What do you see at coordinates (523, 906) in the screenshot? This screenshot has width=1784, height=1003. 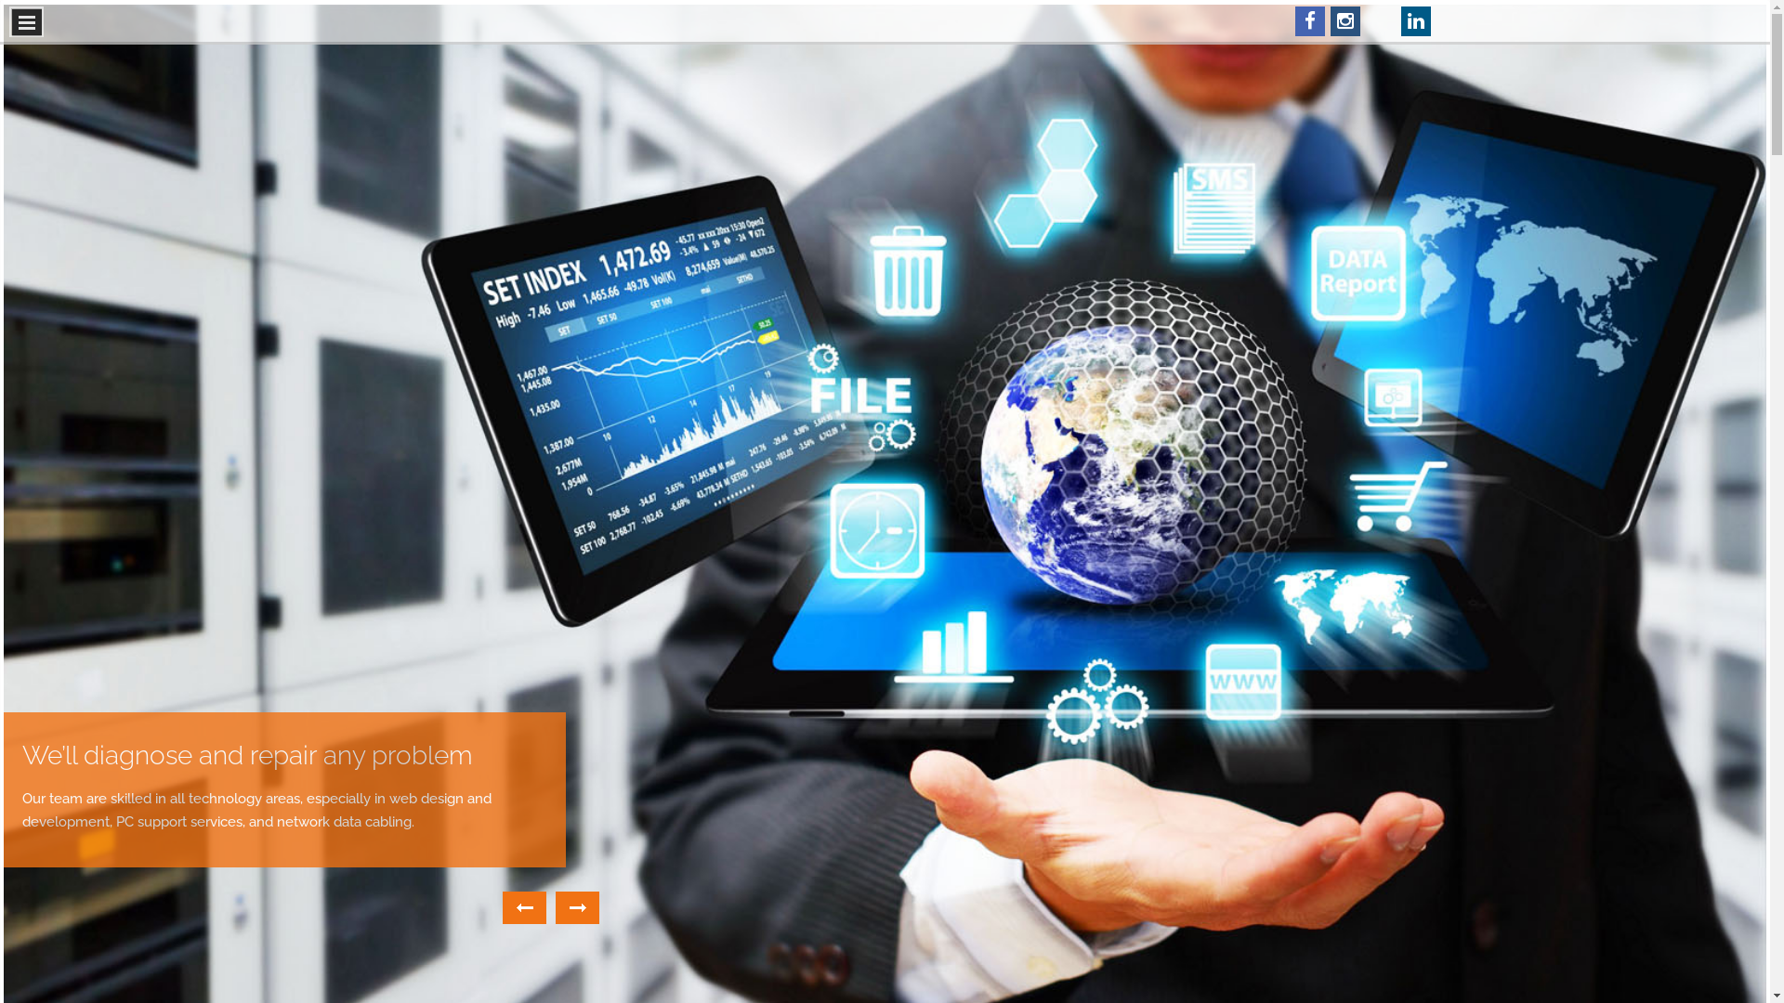 I see `'Previous'` at bounding box center [523, 906].